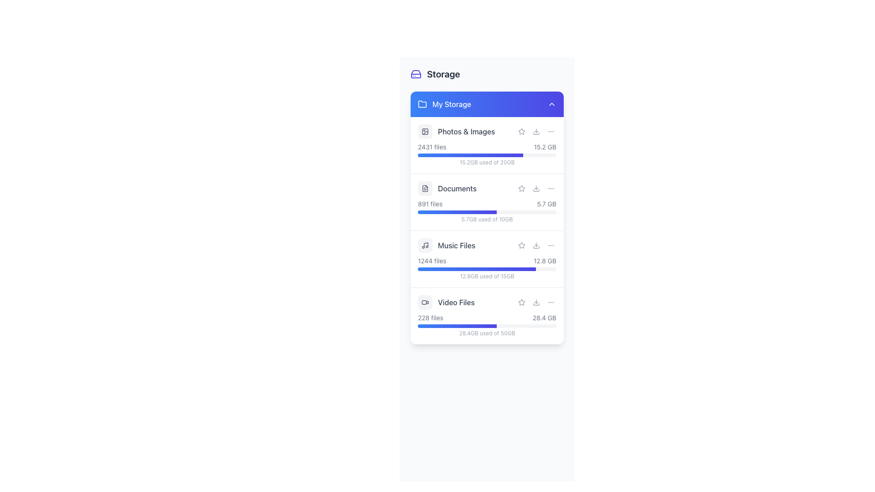  Describe the element at coordinates (545, 261) in the screenshot. I see `the text label displaying '12.8 GB' located in the 'Music Files' section, to the far right of '1244 files' and aligned with the section's progress bar and header` at that location.